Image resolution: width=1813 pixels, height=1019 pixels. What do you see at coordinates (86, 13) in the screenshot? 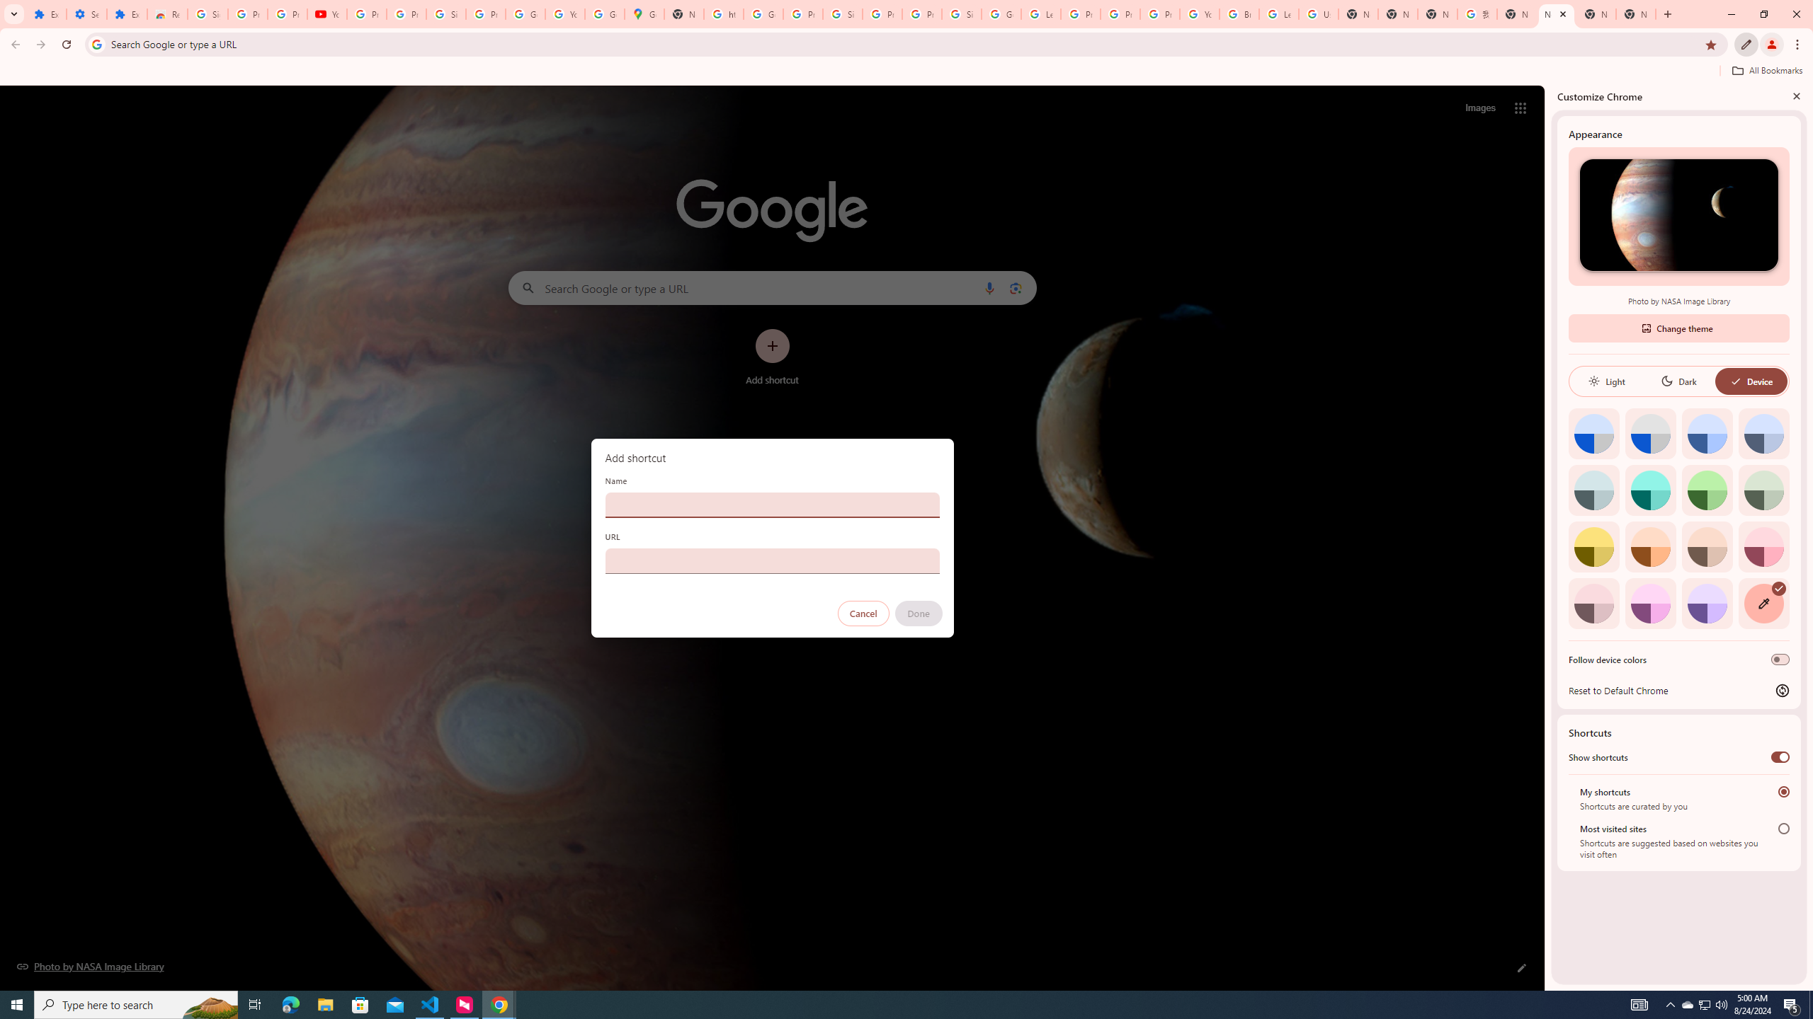
I see `'Settings'` at bounding box center [86, 13].